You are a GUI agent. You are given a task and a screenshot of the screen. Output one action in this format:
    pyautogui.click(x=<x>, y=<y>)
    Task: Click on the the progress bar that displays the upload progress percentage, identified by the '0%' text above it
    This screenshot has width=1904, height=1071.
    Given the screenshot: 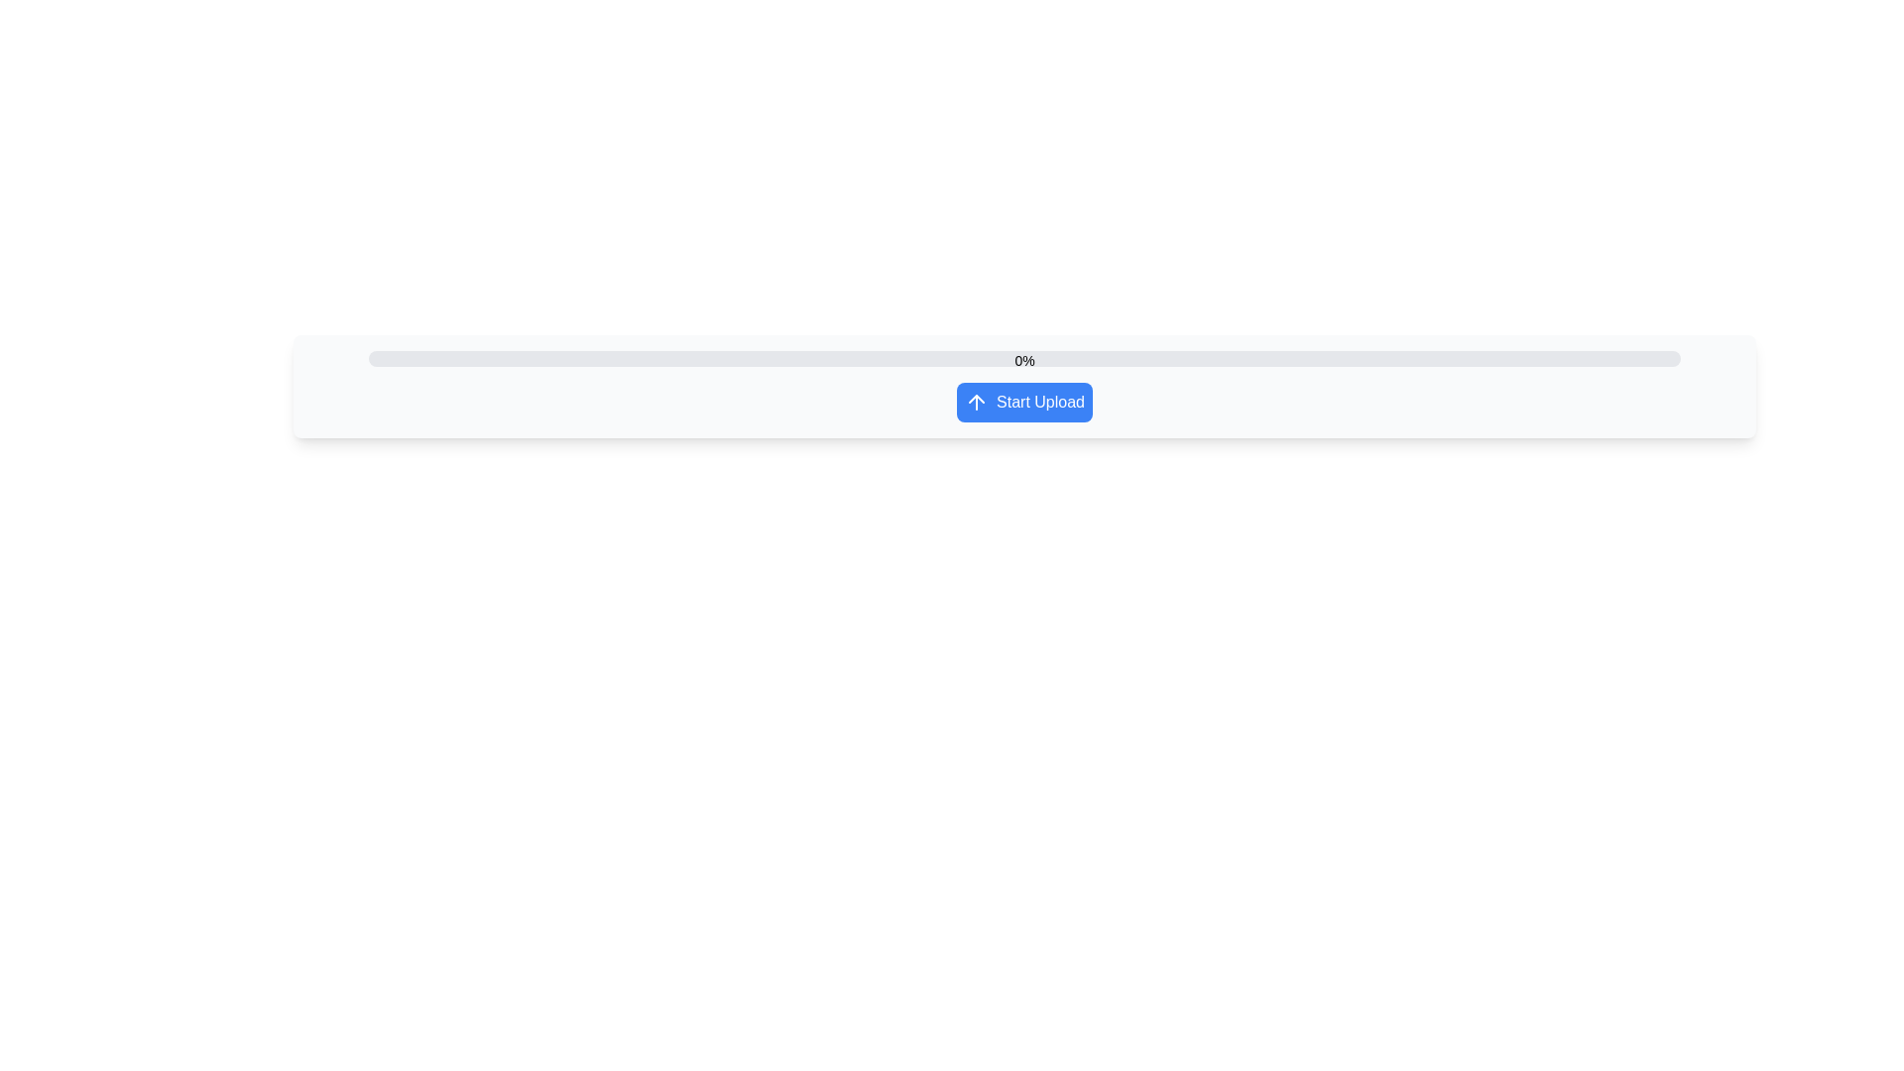 What is the action you would take?
    pyautogui.click(x=1024, y=359)
    